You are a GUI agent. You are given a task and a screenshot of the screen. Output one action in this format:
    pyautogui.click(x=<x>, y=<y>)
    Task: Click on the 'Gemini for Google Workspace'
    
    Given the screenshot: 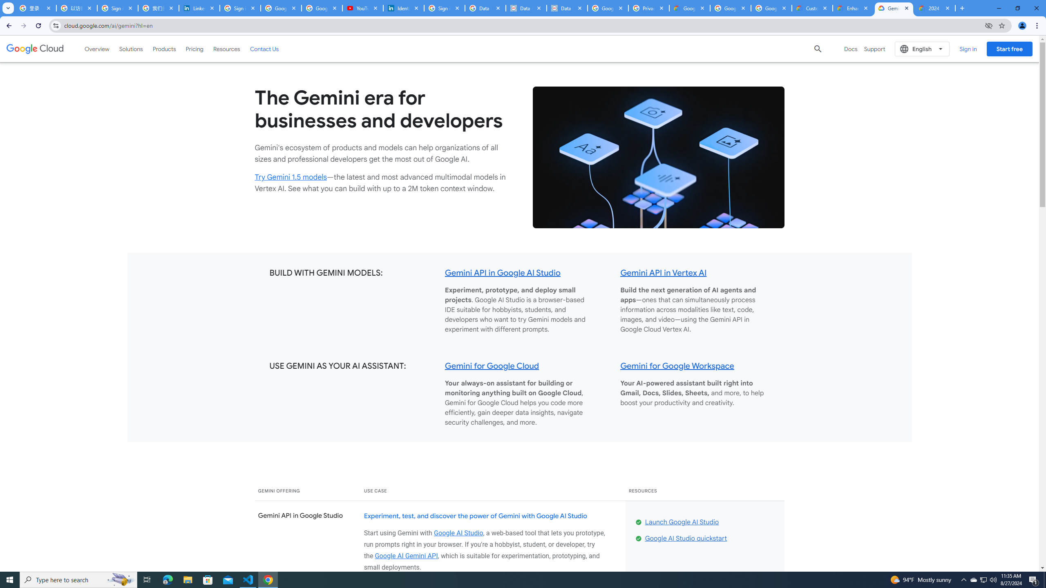 What is the action you would take?
    pyautogui.click(x=677, y=365)
    